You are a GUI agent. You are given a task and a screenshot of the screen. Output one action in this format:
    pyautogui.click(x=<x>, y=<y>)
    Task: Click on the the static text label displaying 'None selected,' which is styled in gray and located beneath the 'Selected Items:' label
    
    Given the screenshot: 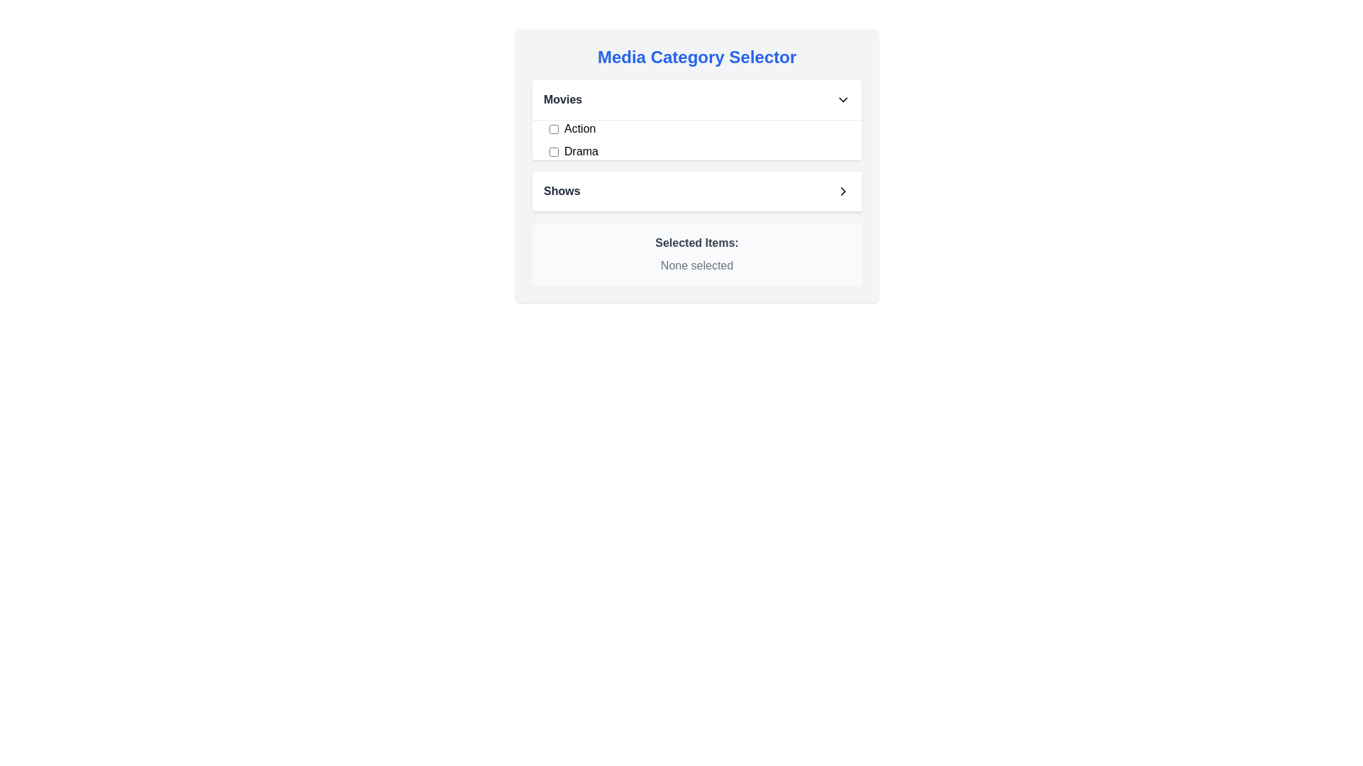 What is the action you would take?
    pyautogui.click(x=697, y=265)
    